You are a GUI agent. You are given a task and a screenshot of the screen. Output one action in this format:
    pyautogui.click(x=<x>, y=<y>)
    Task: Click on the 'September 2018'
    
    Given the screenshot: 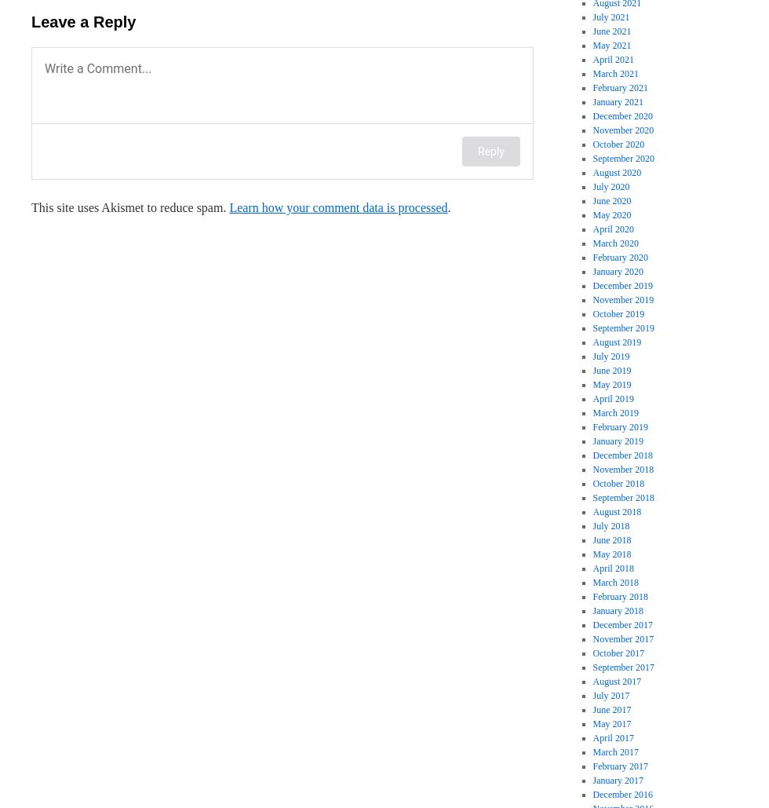 What is the action you would take?
    pyautogui.click(x=622, y=497)
    